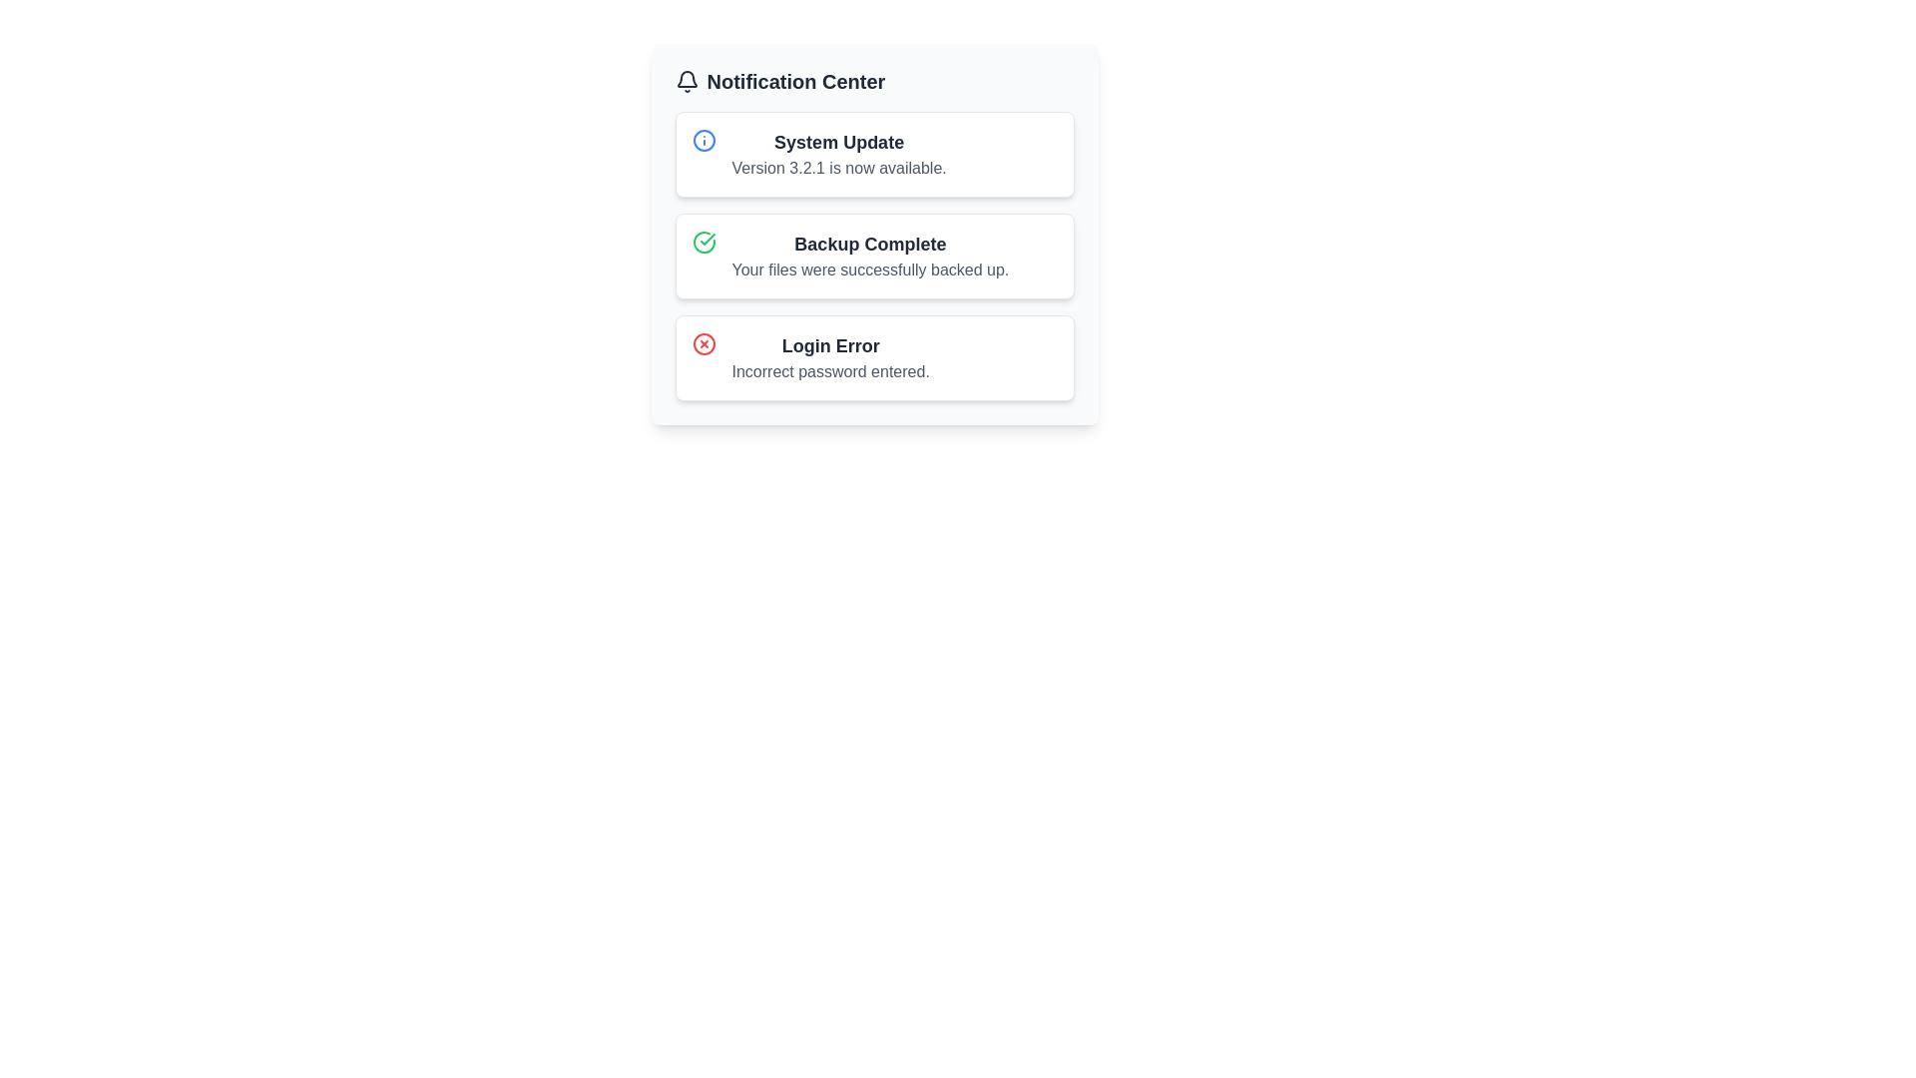 This screenshot has height=1078, width=1916. Describe the element at coordinates (704, 242) in the screenshot. I see `the backup completion icon located in the 'Backup Complete' notification panel, which is distinctly positioned on the left side of the notification adjacent to the text content` at that location.